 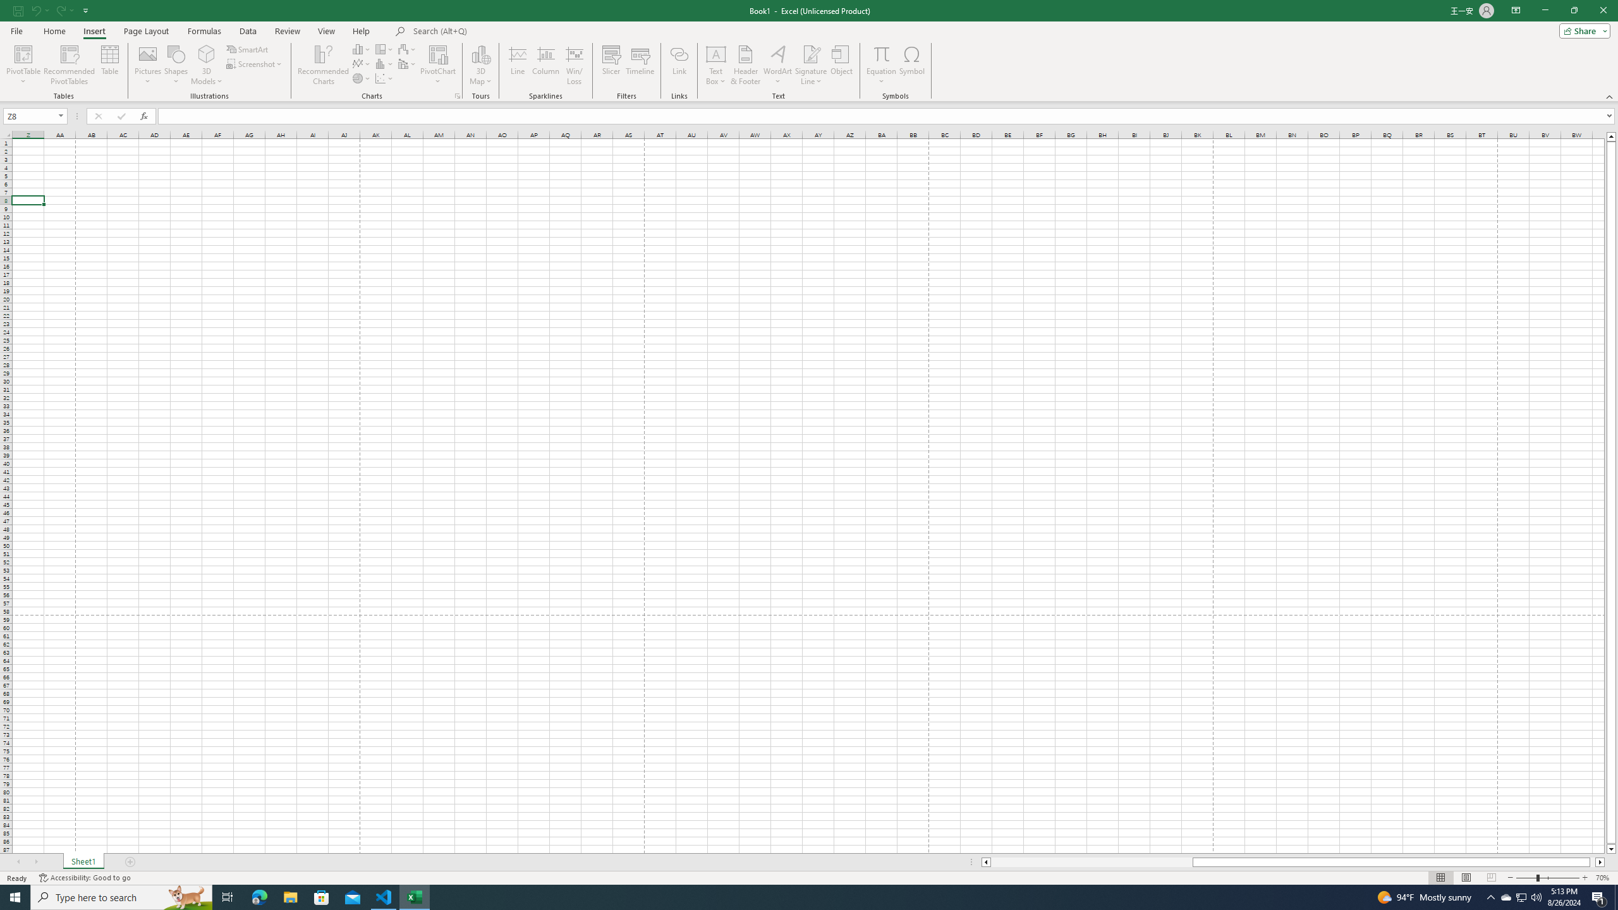 I want to click on 'Shapes', so click(x=176, y=65).